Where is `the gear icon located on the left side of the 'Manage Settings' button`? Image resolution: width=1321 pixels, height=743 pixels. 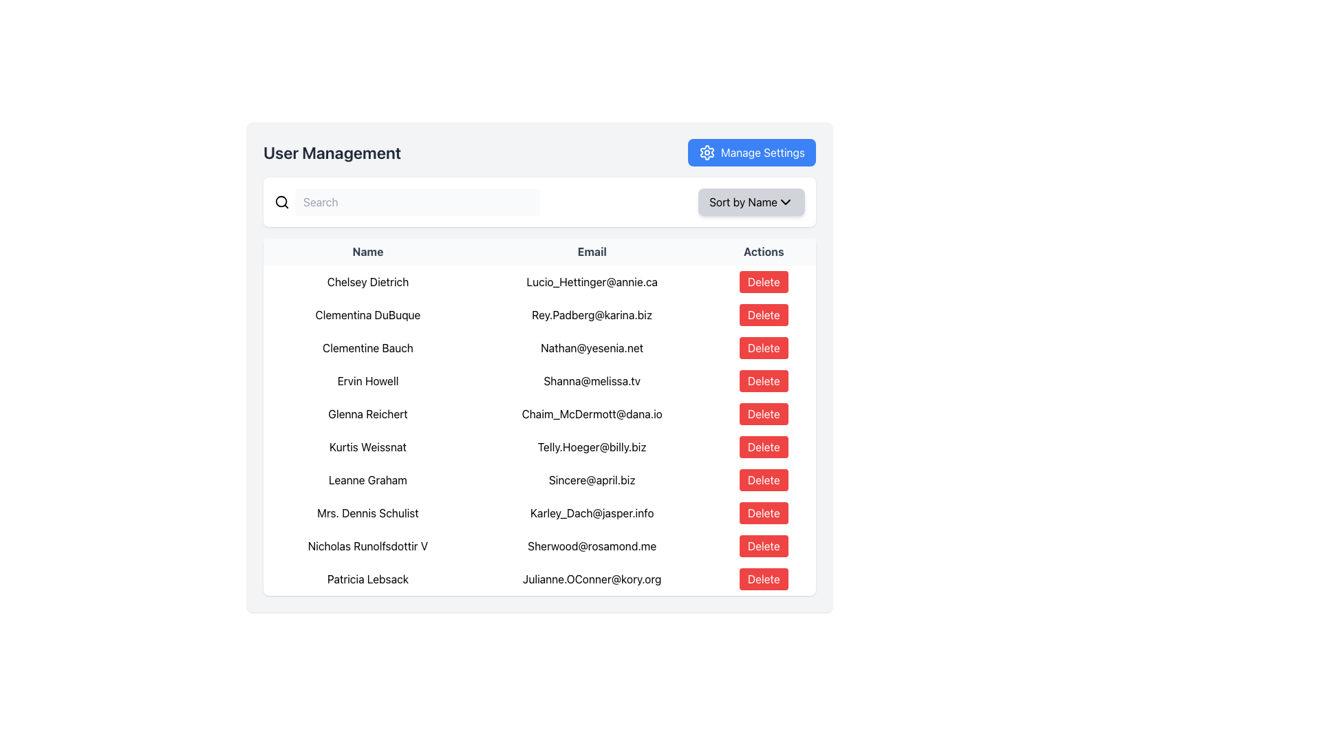
the gear icon located on the left side of the 'Manage Settings' button is located at coordinates (707, 153).